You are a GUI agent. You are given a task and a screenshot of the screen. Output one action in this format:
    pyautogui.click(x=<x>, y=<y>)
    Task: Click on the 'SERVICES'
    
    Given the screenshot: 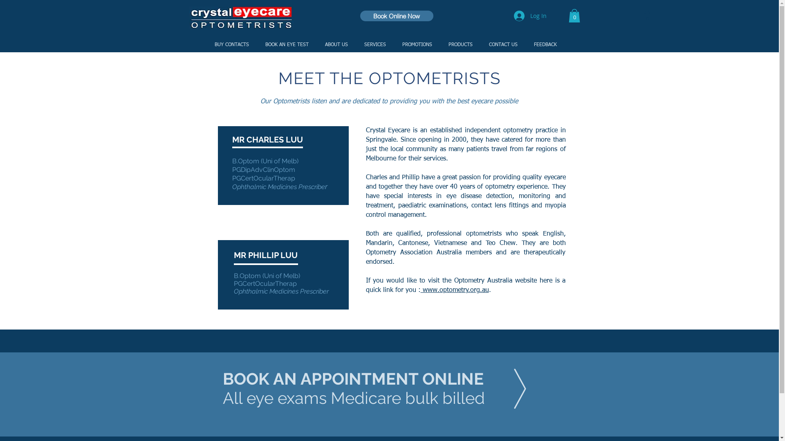 What is the action you would take?
    pyautogui.click(x=374, y=45)
    